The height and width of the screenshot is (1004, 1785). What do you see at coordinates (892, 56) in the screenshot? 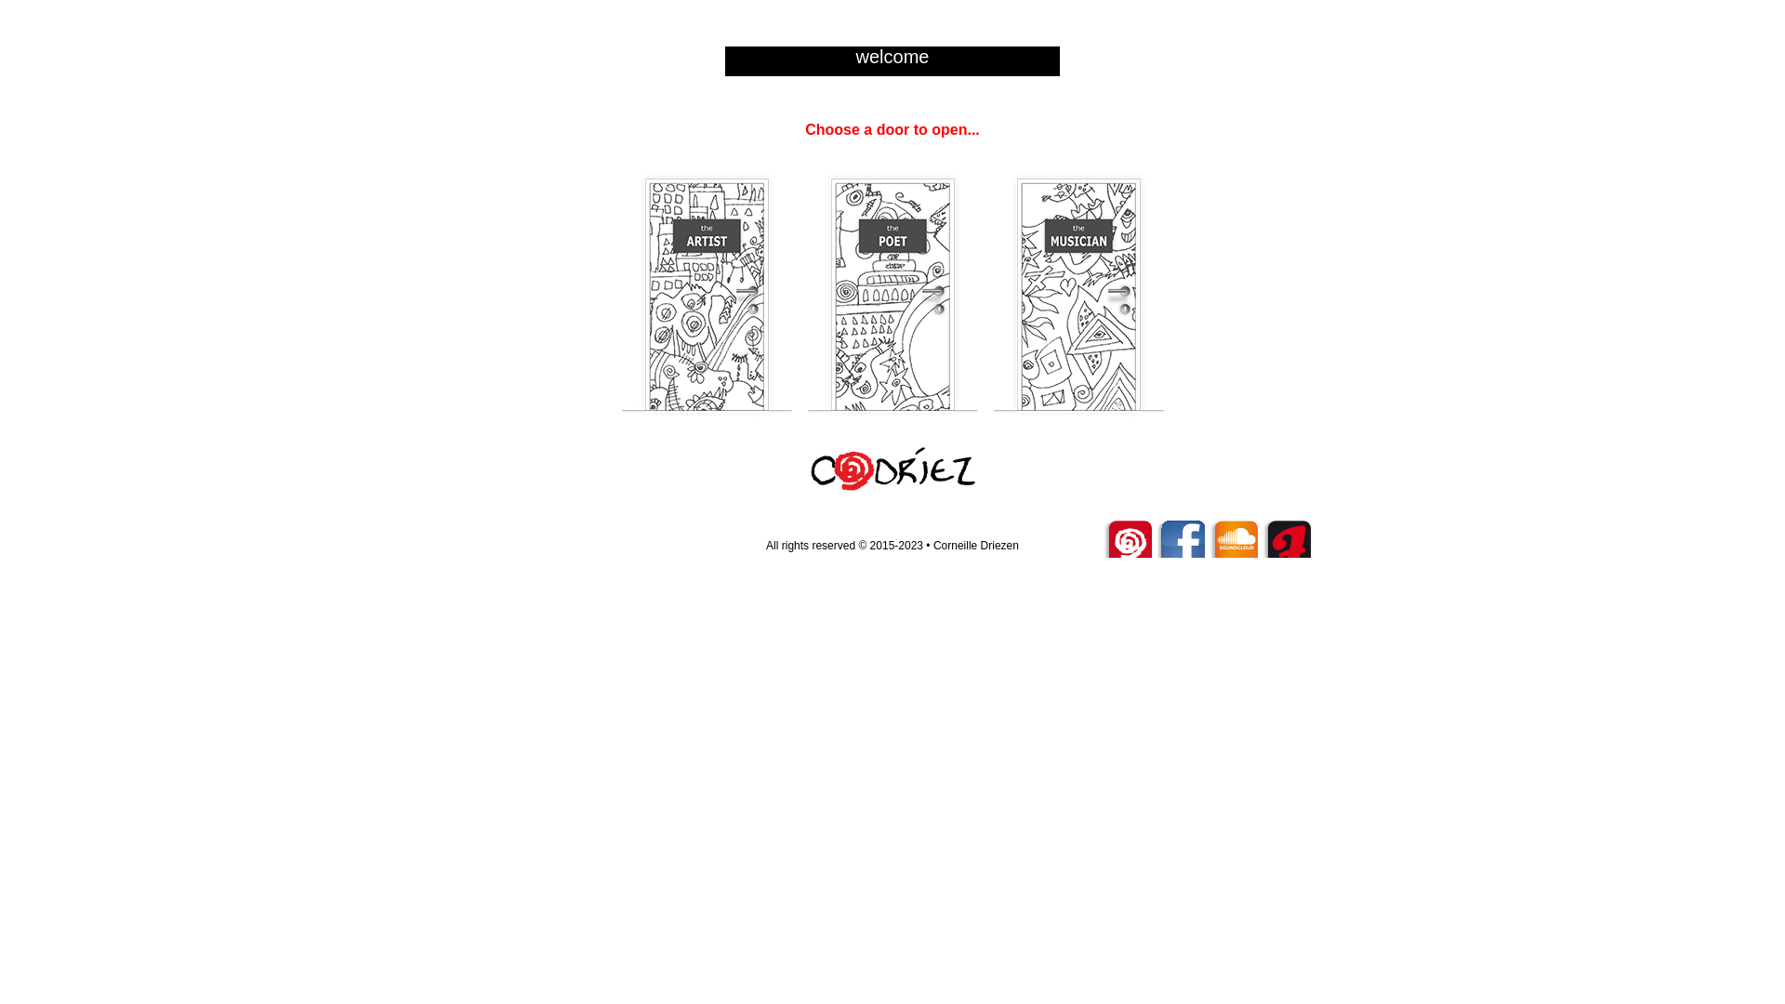
I see `'welcome'` at bounding box center [892, 56].